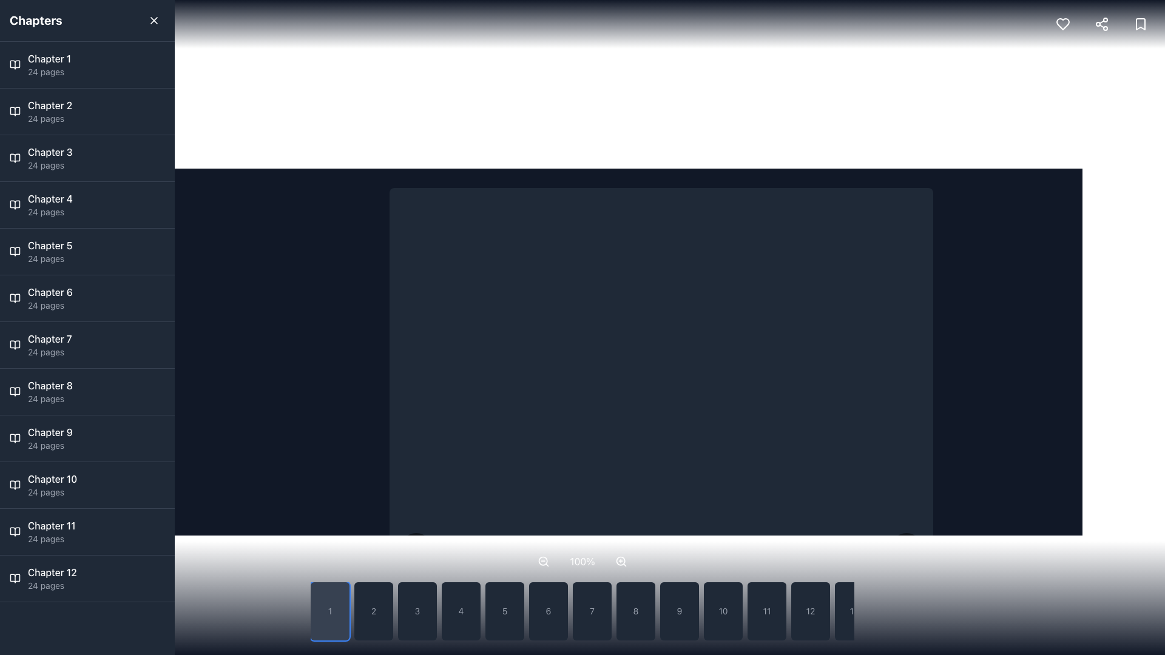  What do you see at coordinates (1140, 24) in the screenshot?
I see `the rounded bookmark icon button located in the top-right corner of the interface` at bounding box center [1140, 24].